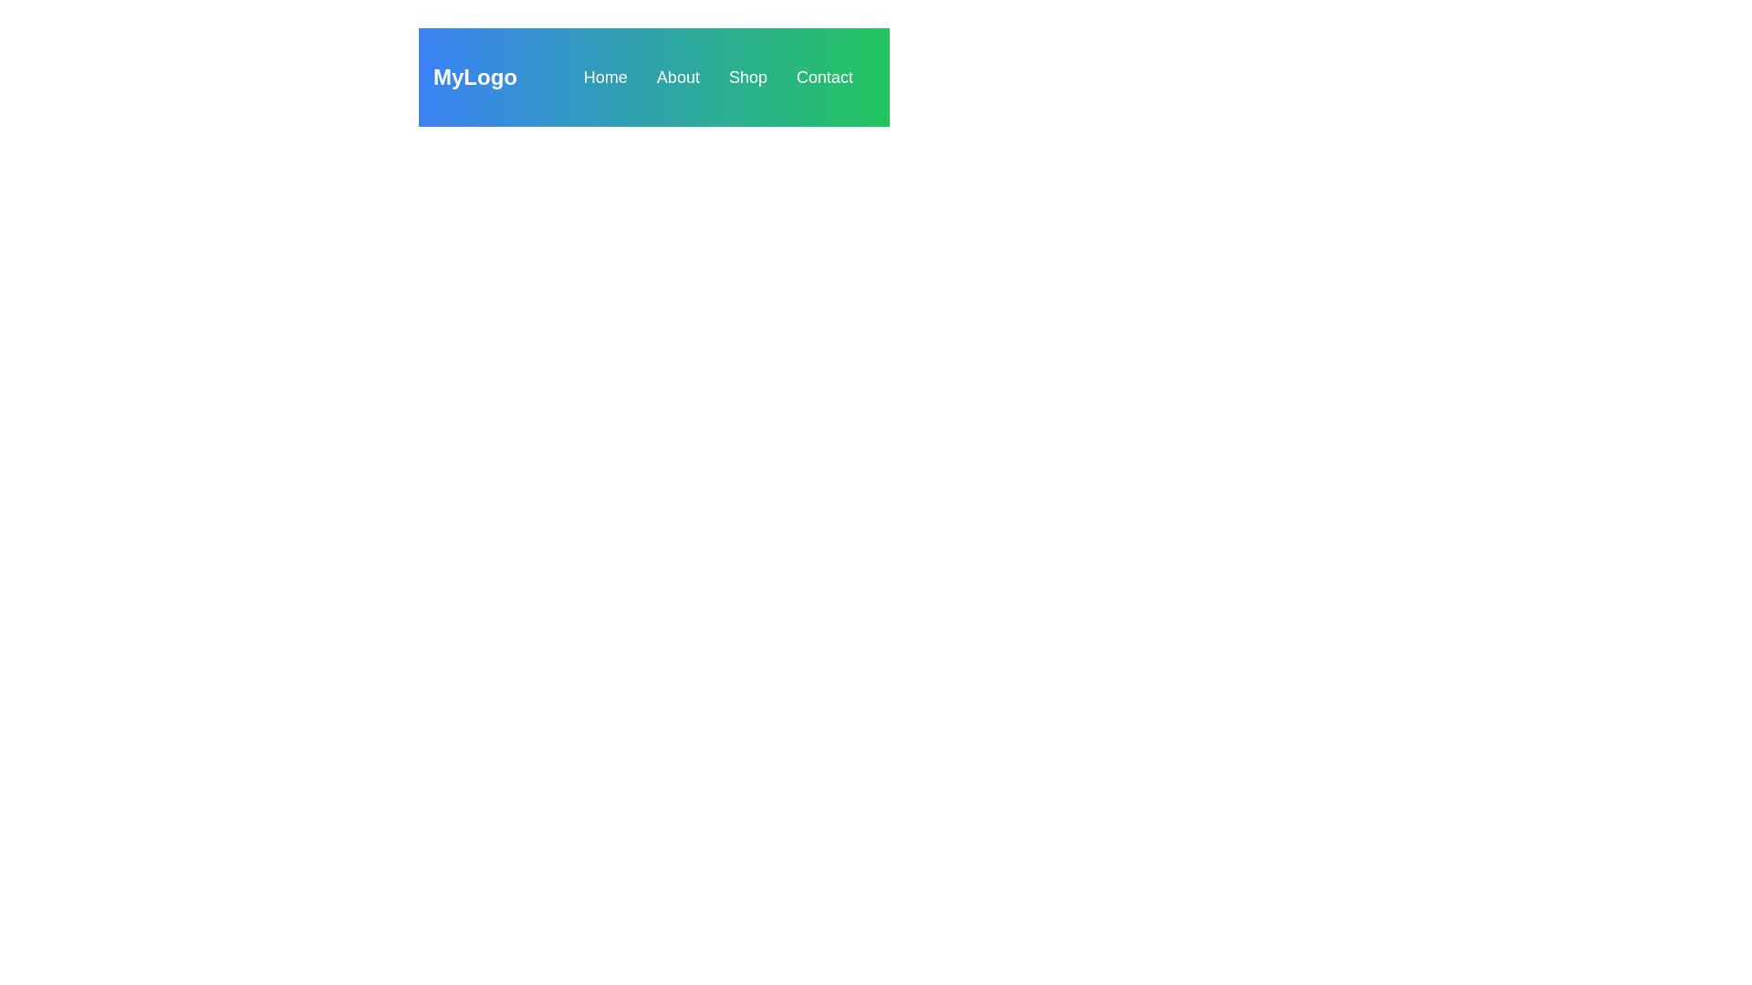 Image resolution: width=1752 pixels, height=985 pixels. I want to click on the 'Contact' hyperlink in the navigation bar to change its color to yellow, so click(823, 76).